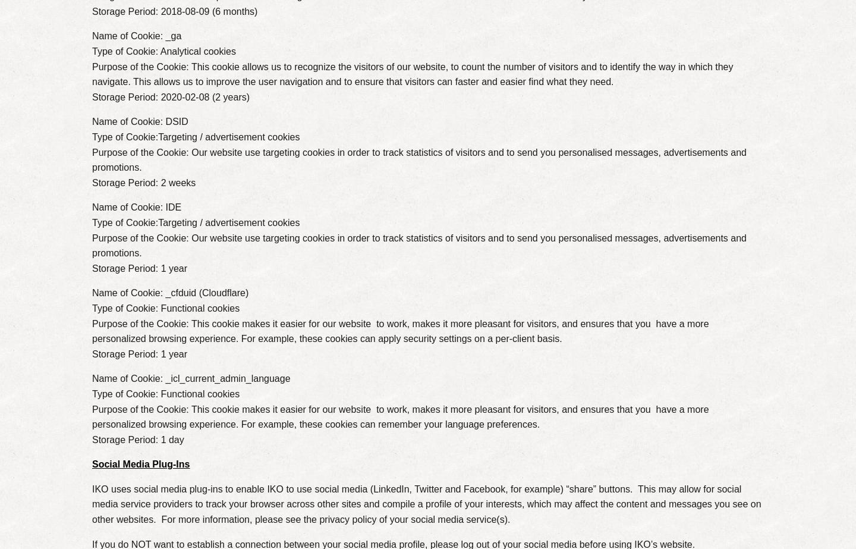 The height and width of the screenshot is (549, 856). I want to click on 'Purpose of the Cookie: This cookie makes it easier for our website  to work, makes it more pleasant for visitors, and ensures that you  have a more personalized browsing experience. For example, these cookies can remember your language preferences.', so click(91, 416).